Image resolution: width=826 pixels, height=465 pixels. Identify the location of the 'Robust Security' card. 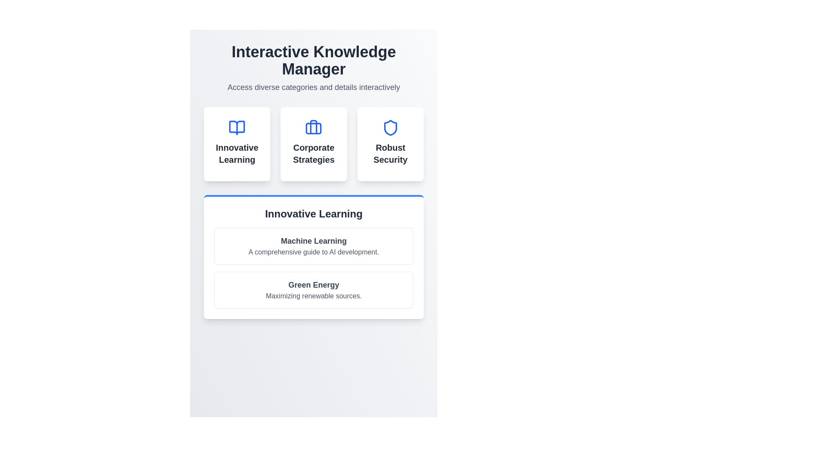
(390, 144).